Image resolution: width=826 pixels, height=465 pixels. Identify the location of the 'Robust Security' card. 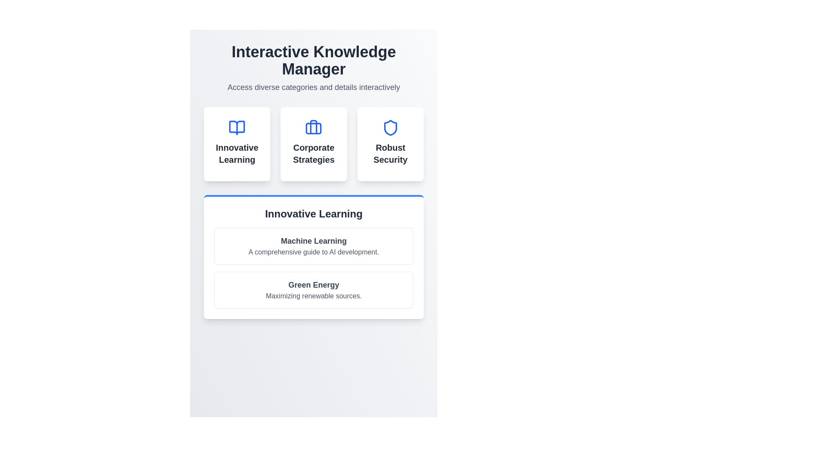
(390, 144).